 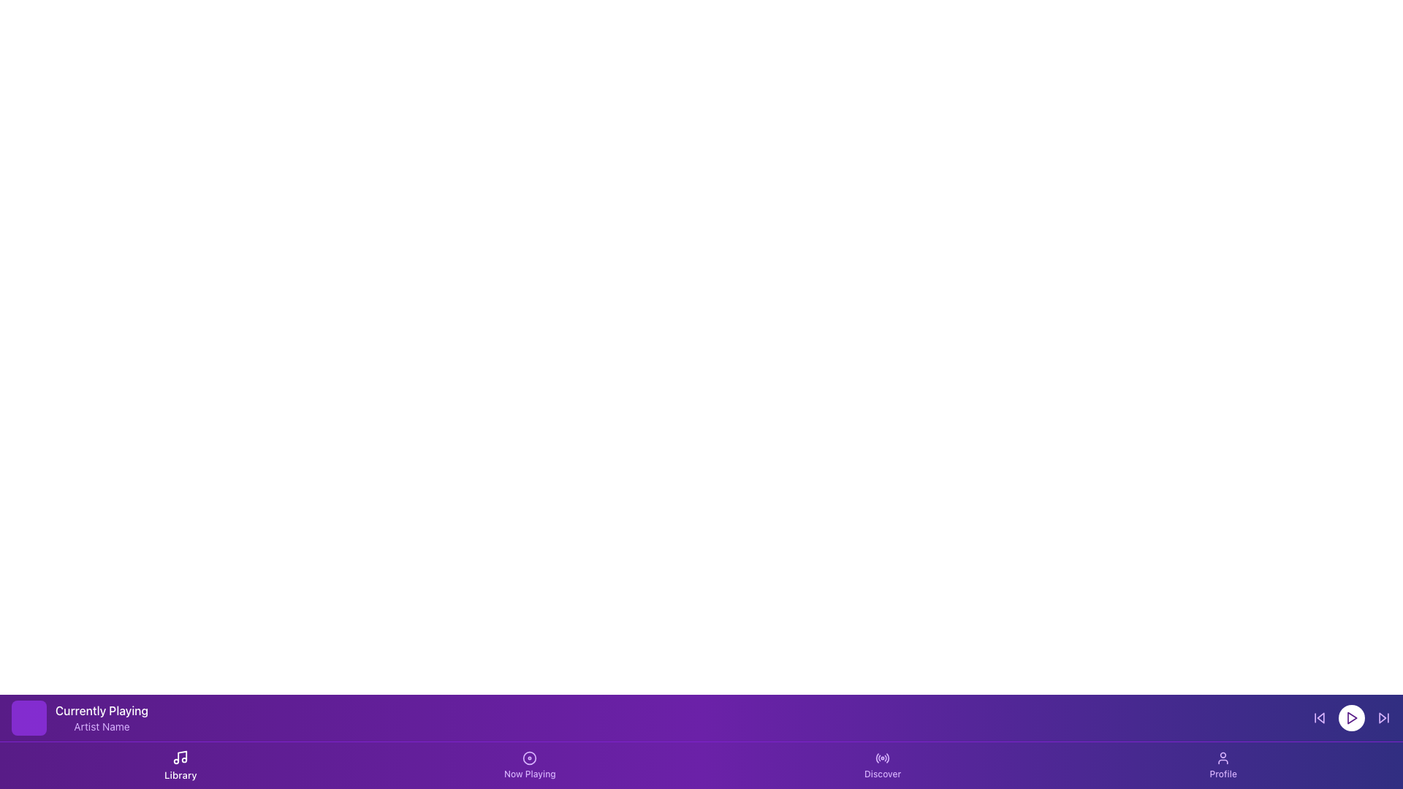 I want to click on the 'Discover' text label located in the bottom navigation bar, so click(x=882, y=774).